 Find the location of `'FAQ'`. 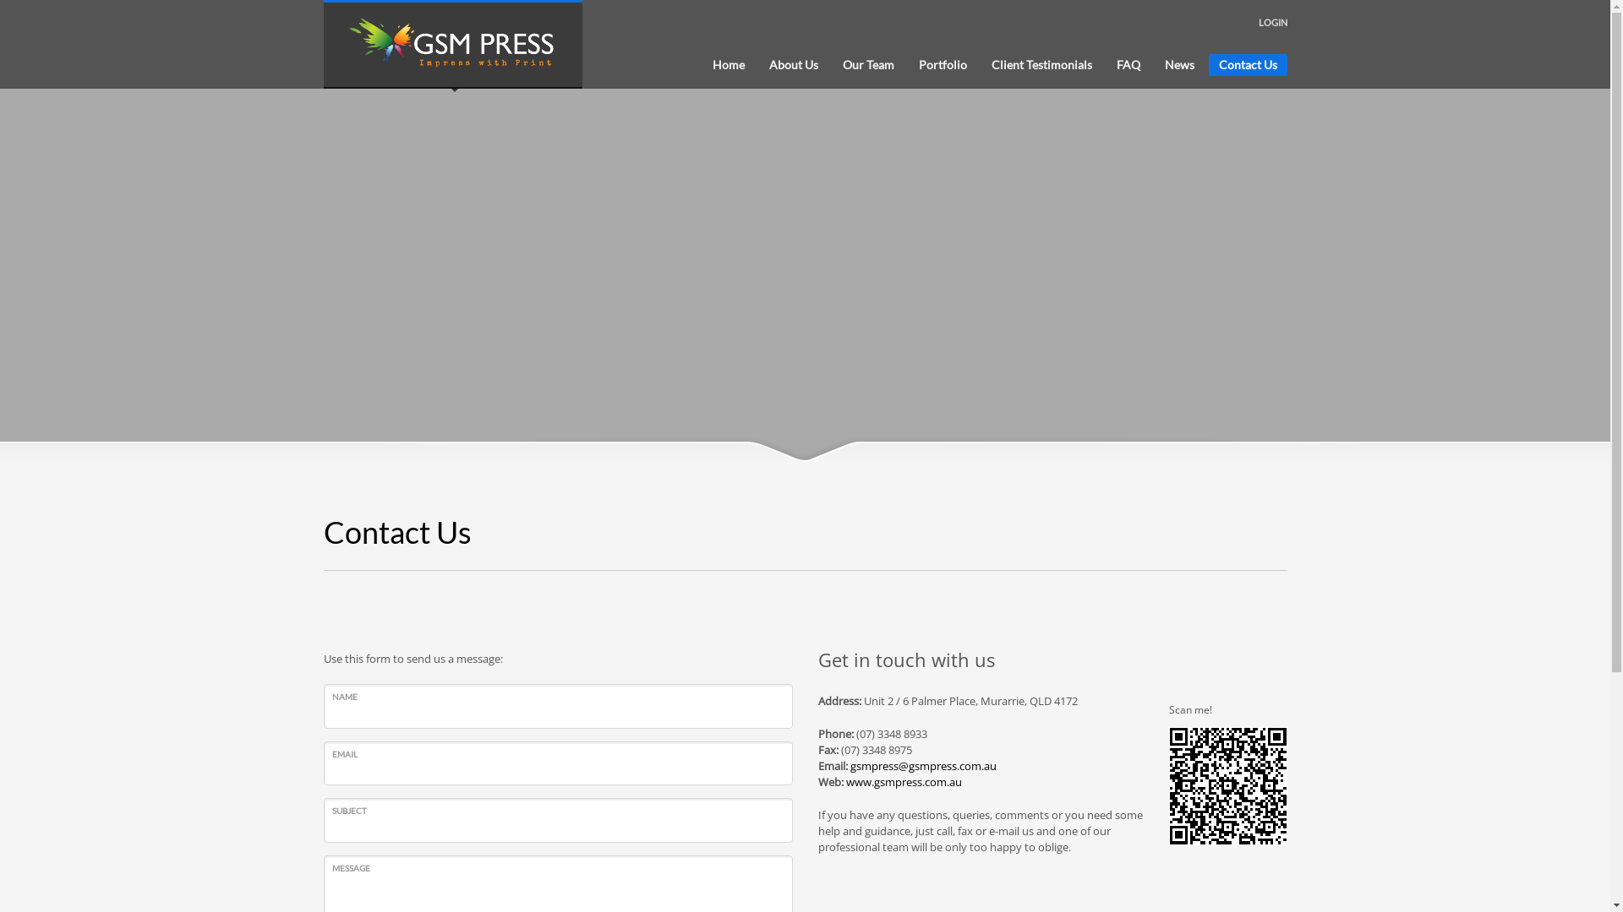

'FAQ' is located at coordinates (1128, 64).